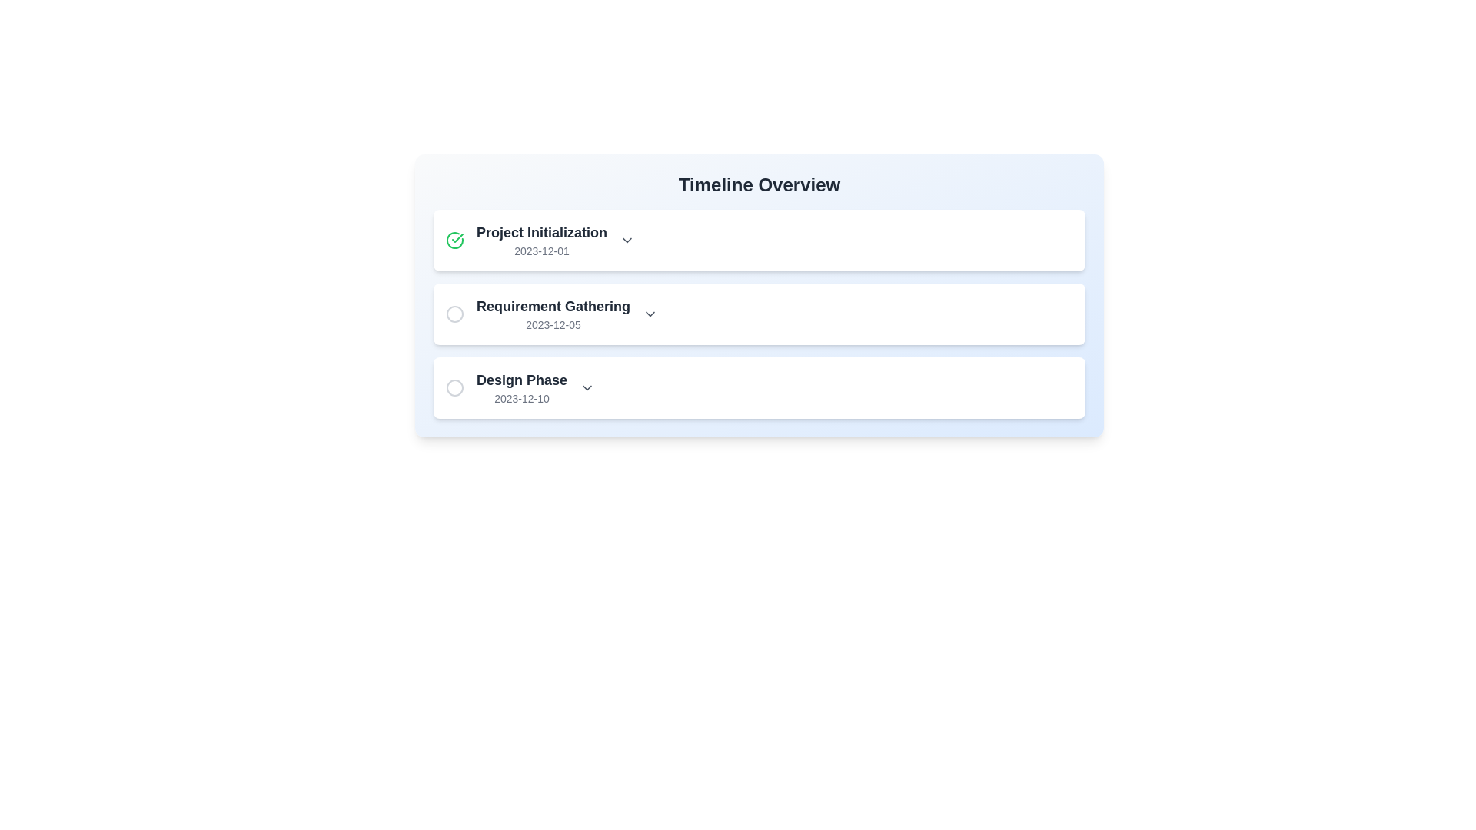  Describe the element at coordinates (542, 233) in the screenshot. I see `text from the label displaying 'Project Initialization', which is styled in a large, bold font and is located at the top-left corner of the list section` at that location.